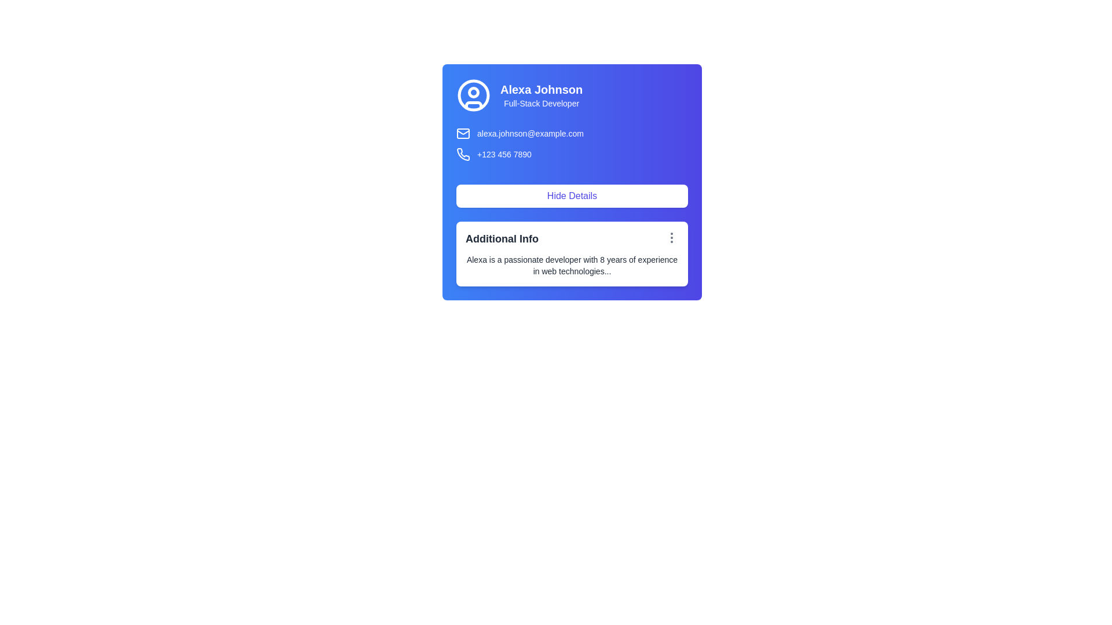  Describe the element at coordinates (572, 191) in the screenshot. I see `the toggle button located in the card for 'Alexa Johnson' to observe potential styling changes` at that location.